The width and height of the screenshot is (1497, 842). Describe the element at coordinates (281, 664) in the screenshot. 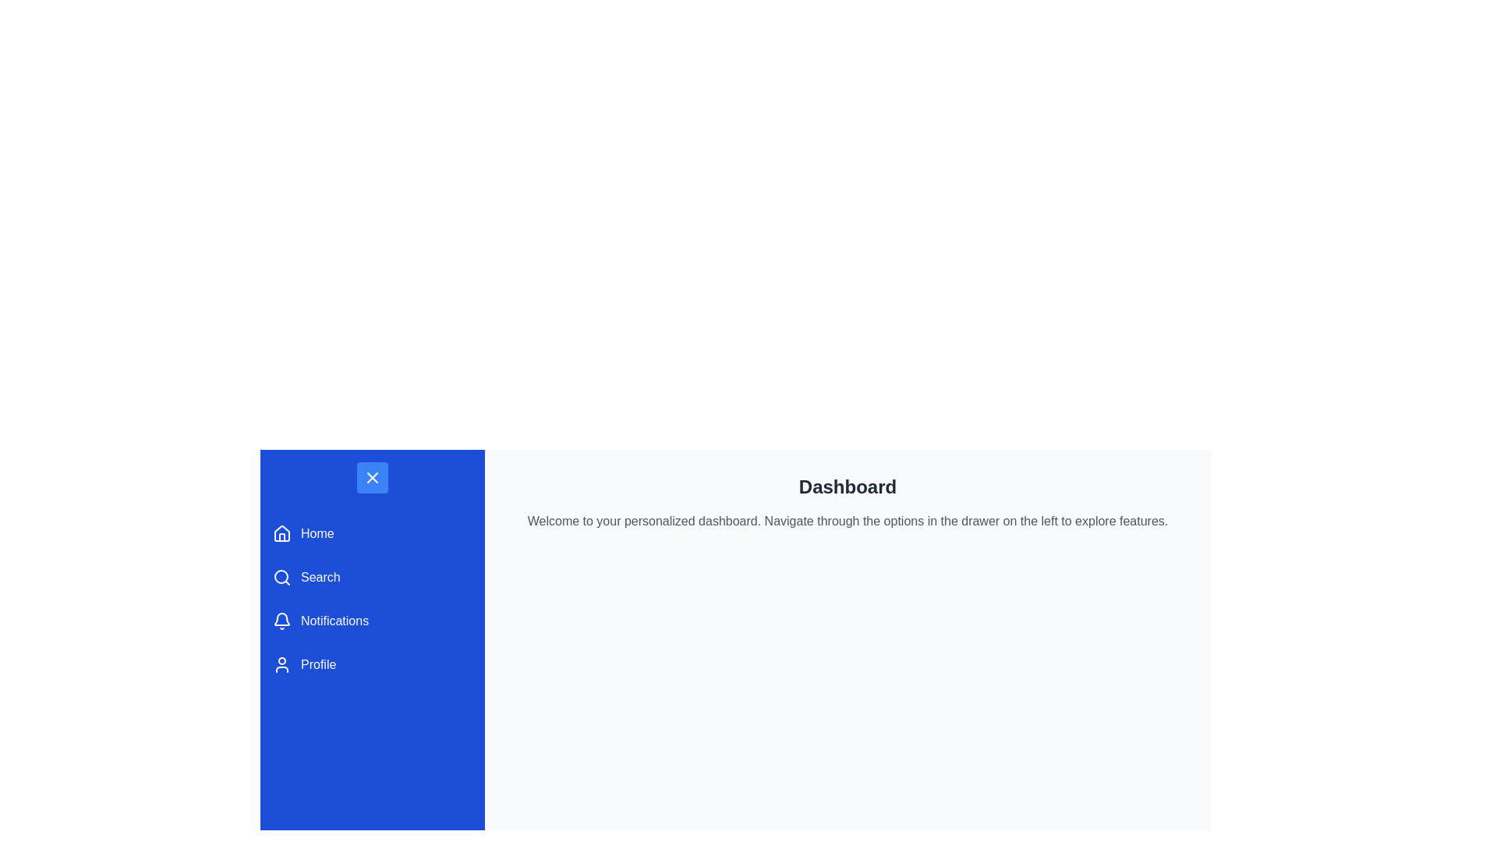

I see `the 'Profile' button which contains the user profile icon located on the left-side menu bar` at that location.